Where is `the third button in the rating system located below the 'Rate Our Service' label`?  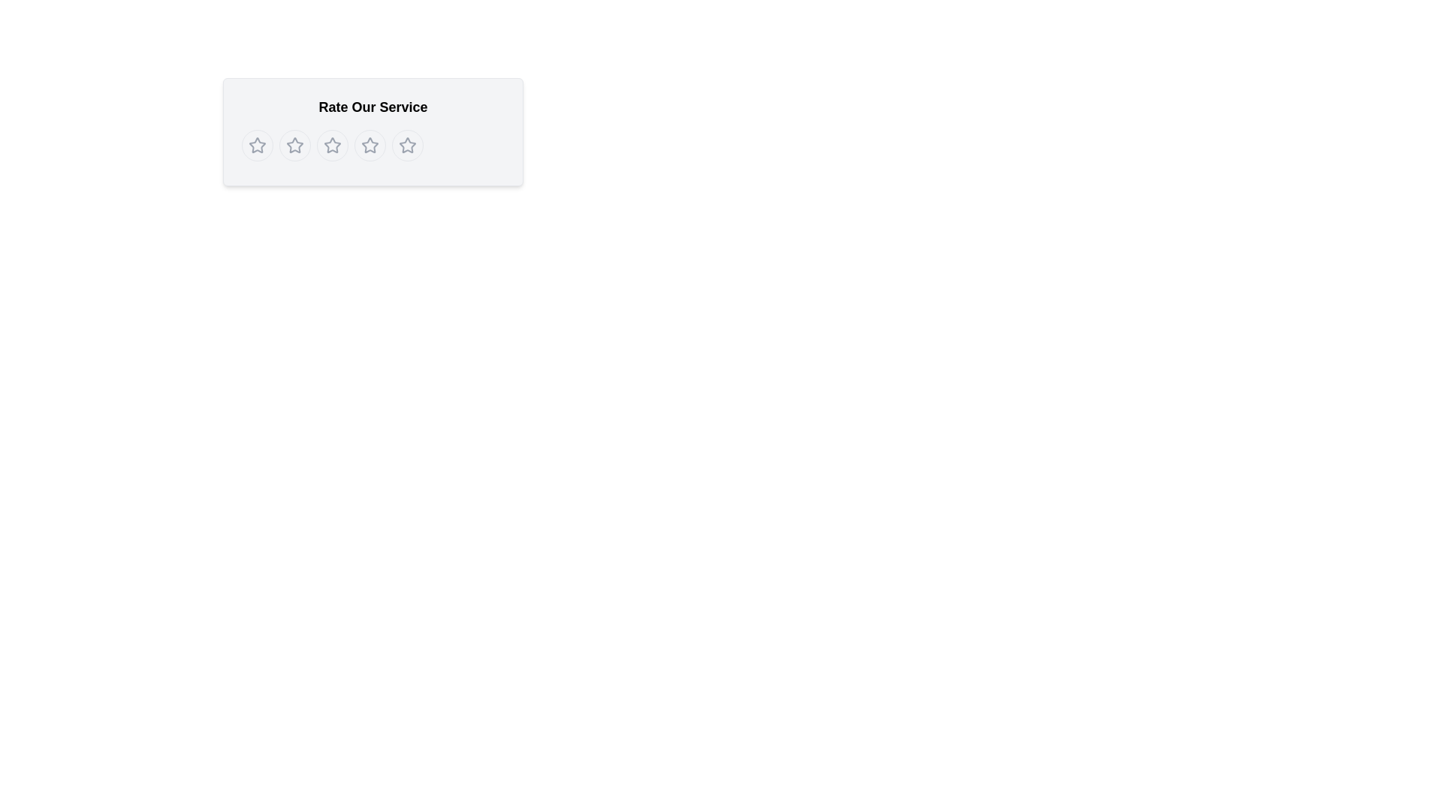
the third button in the rating system located below the 'Rate Our Service' label is located at coordinates (331, 145).